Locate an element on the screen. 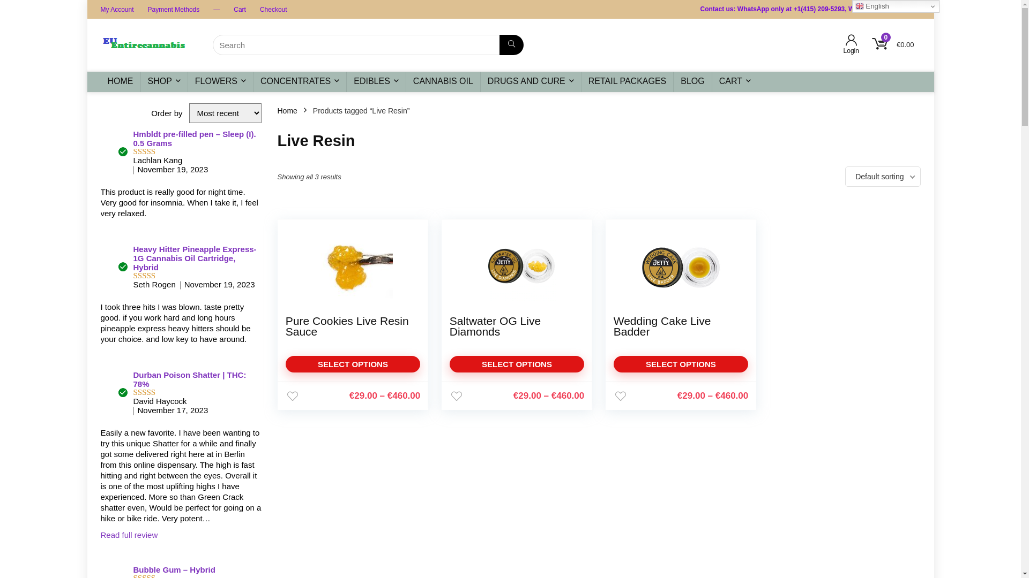 The image size is (1029, 578). 'Wedding Cake Live Badder' is located at coordinates (662, 325).